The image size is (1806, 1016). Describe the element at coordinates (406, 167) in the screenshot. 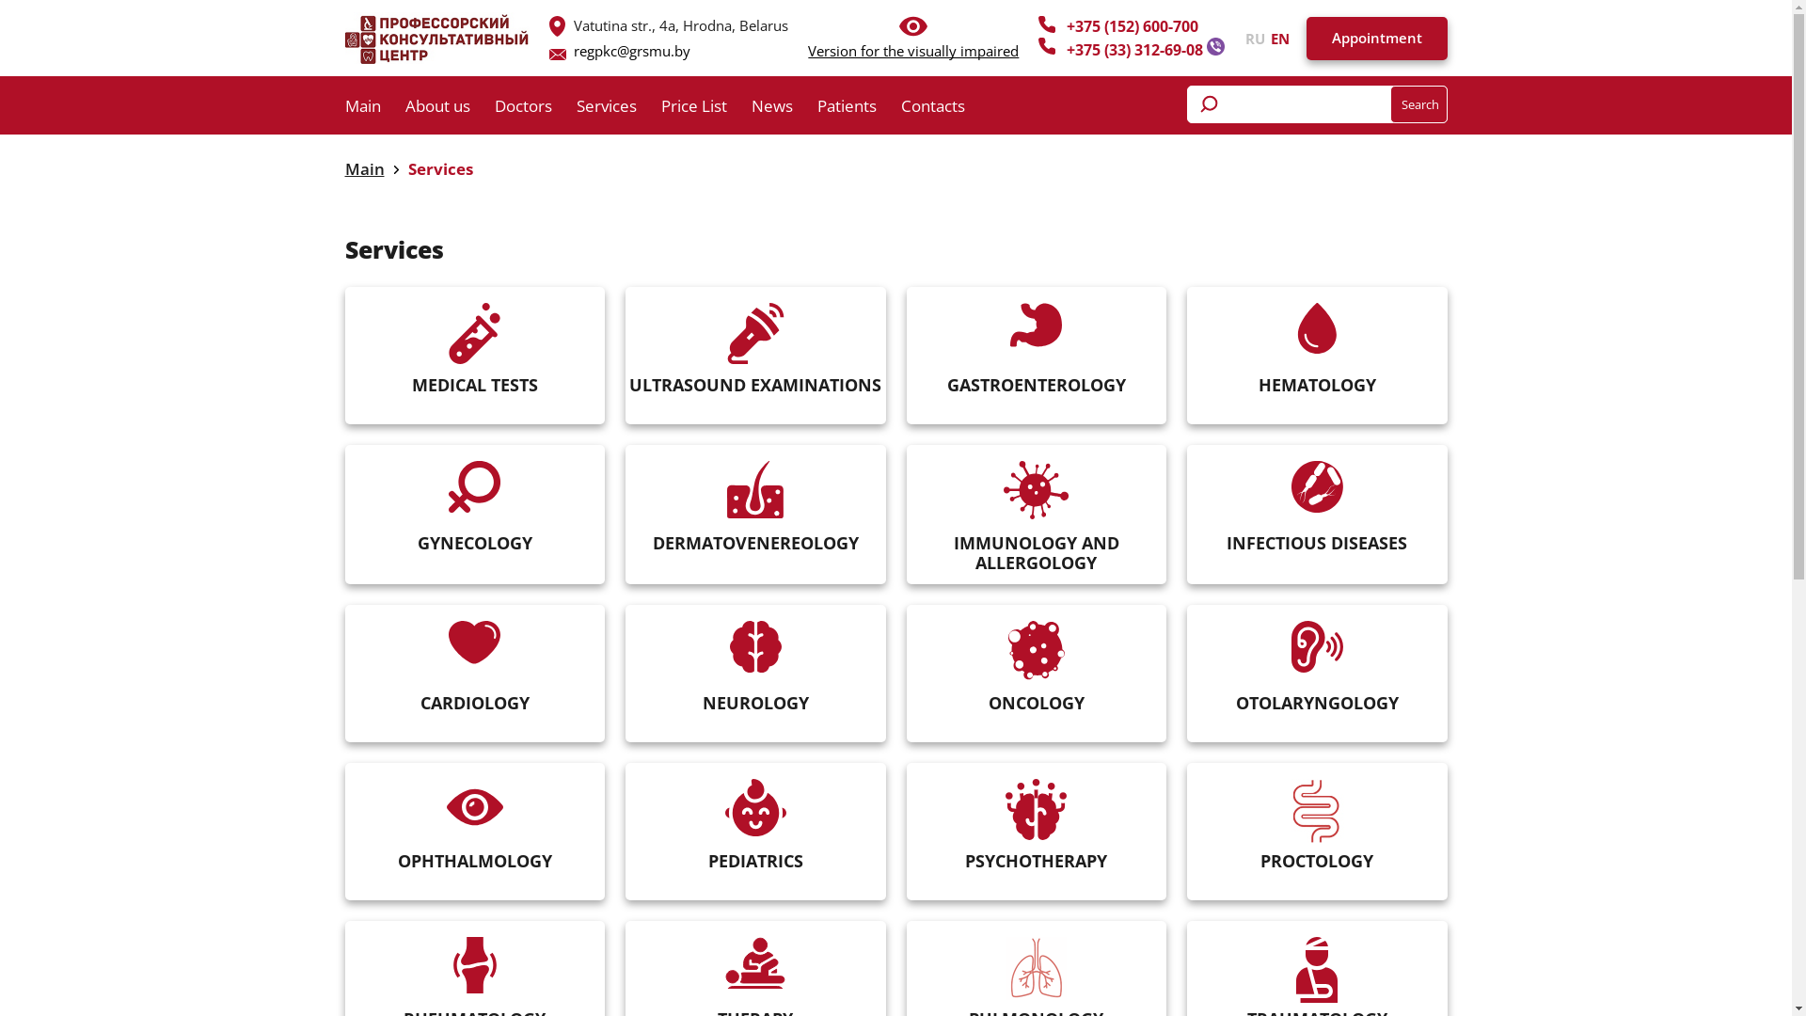

I see `'Services'` at that location.